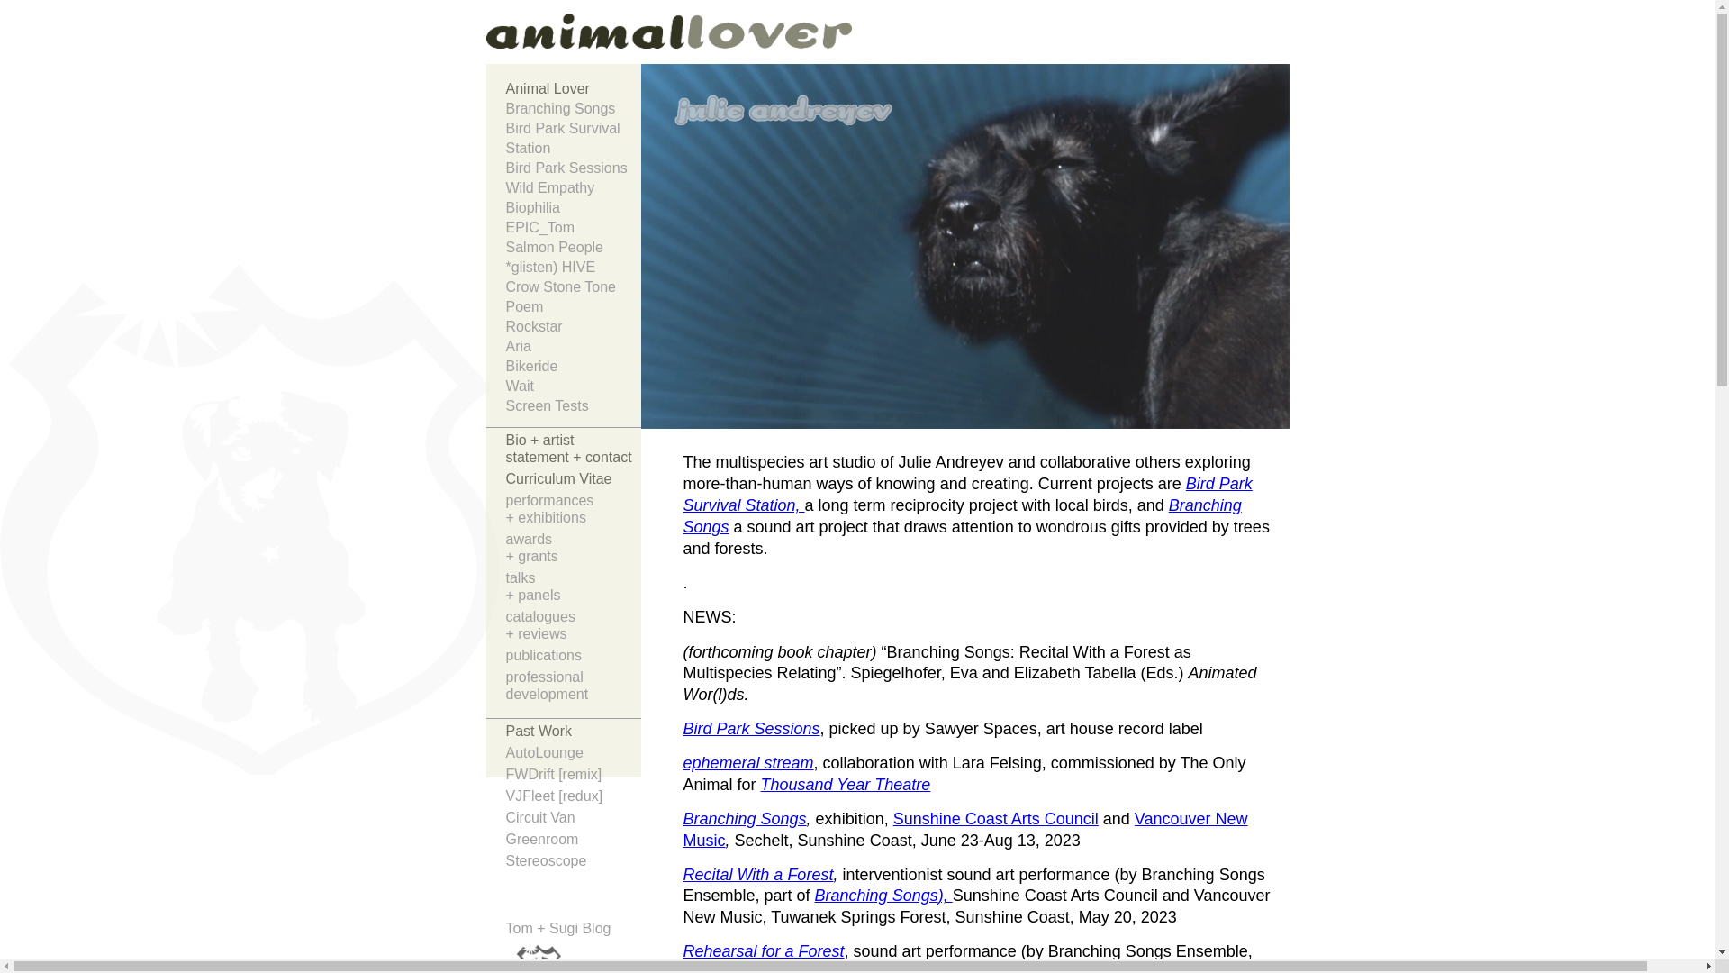 This screenshot has width=1729, height=973. I want to click on 'publications', so click(573, 657).